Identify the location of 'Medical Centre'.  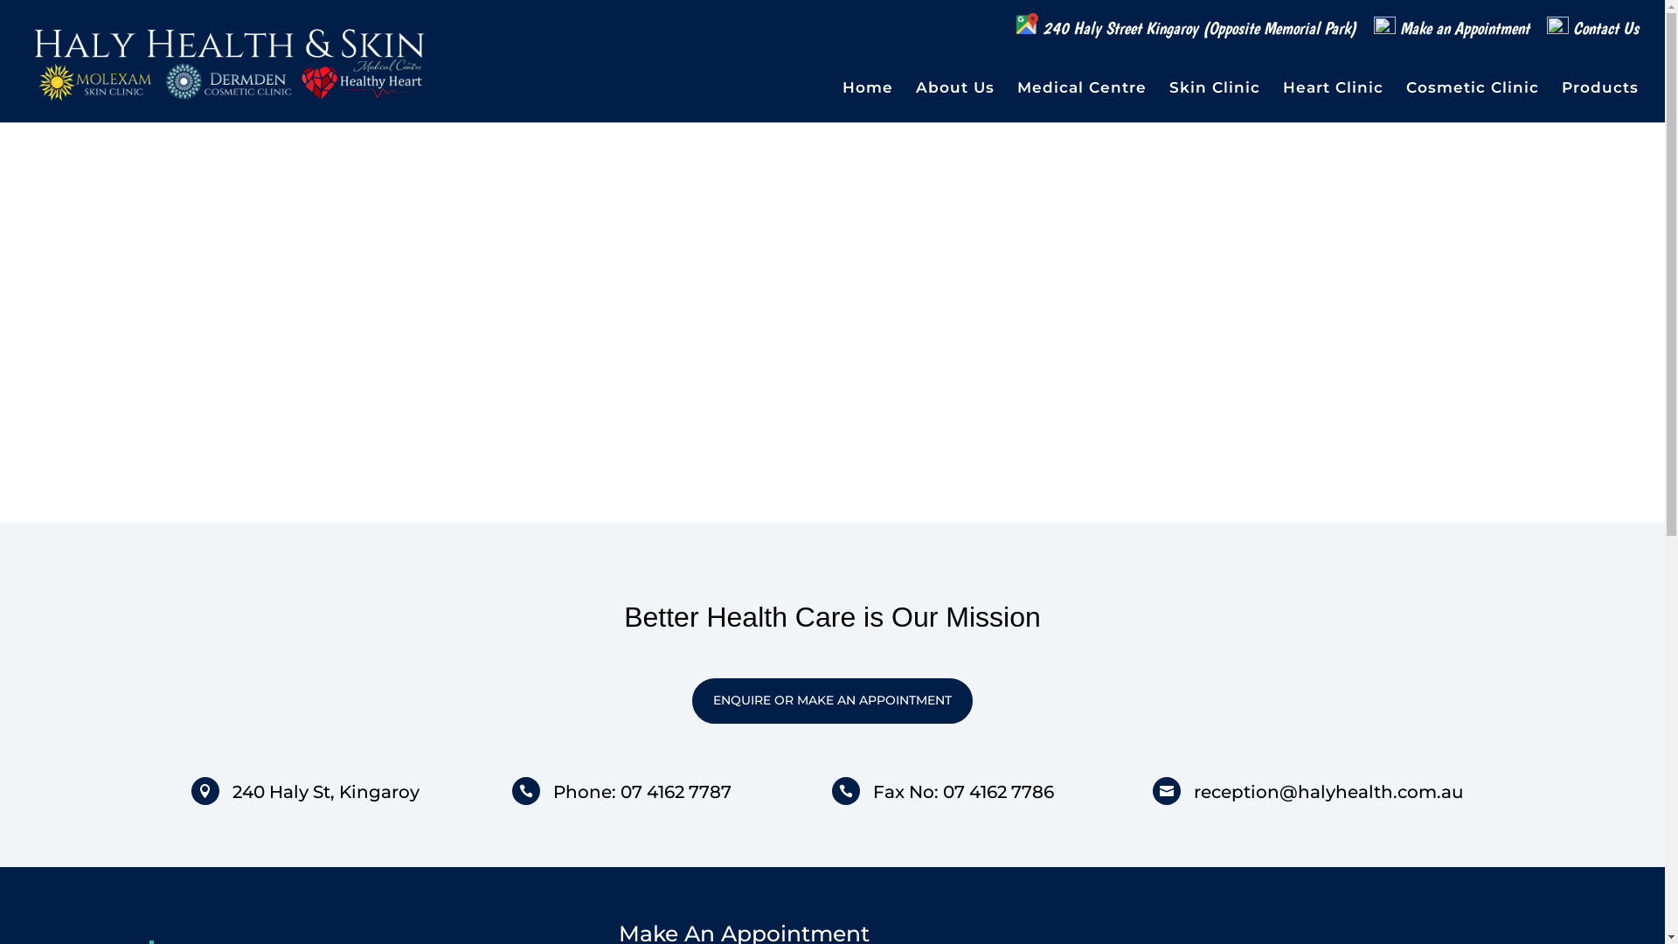
(1016, 101).